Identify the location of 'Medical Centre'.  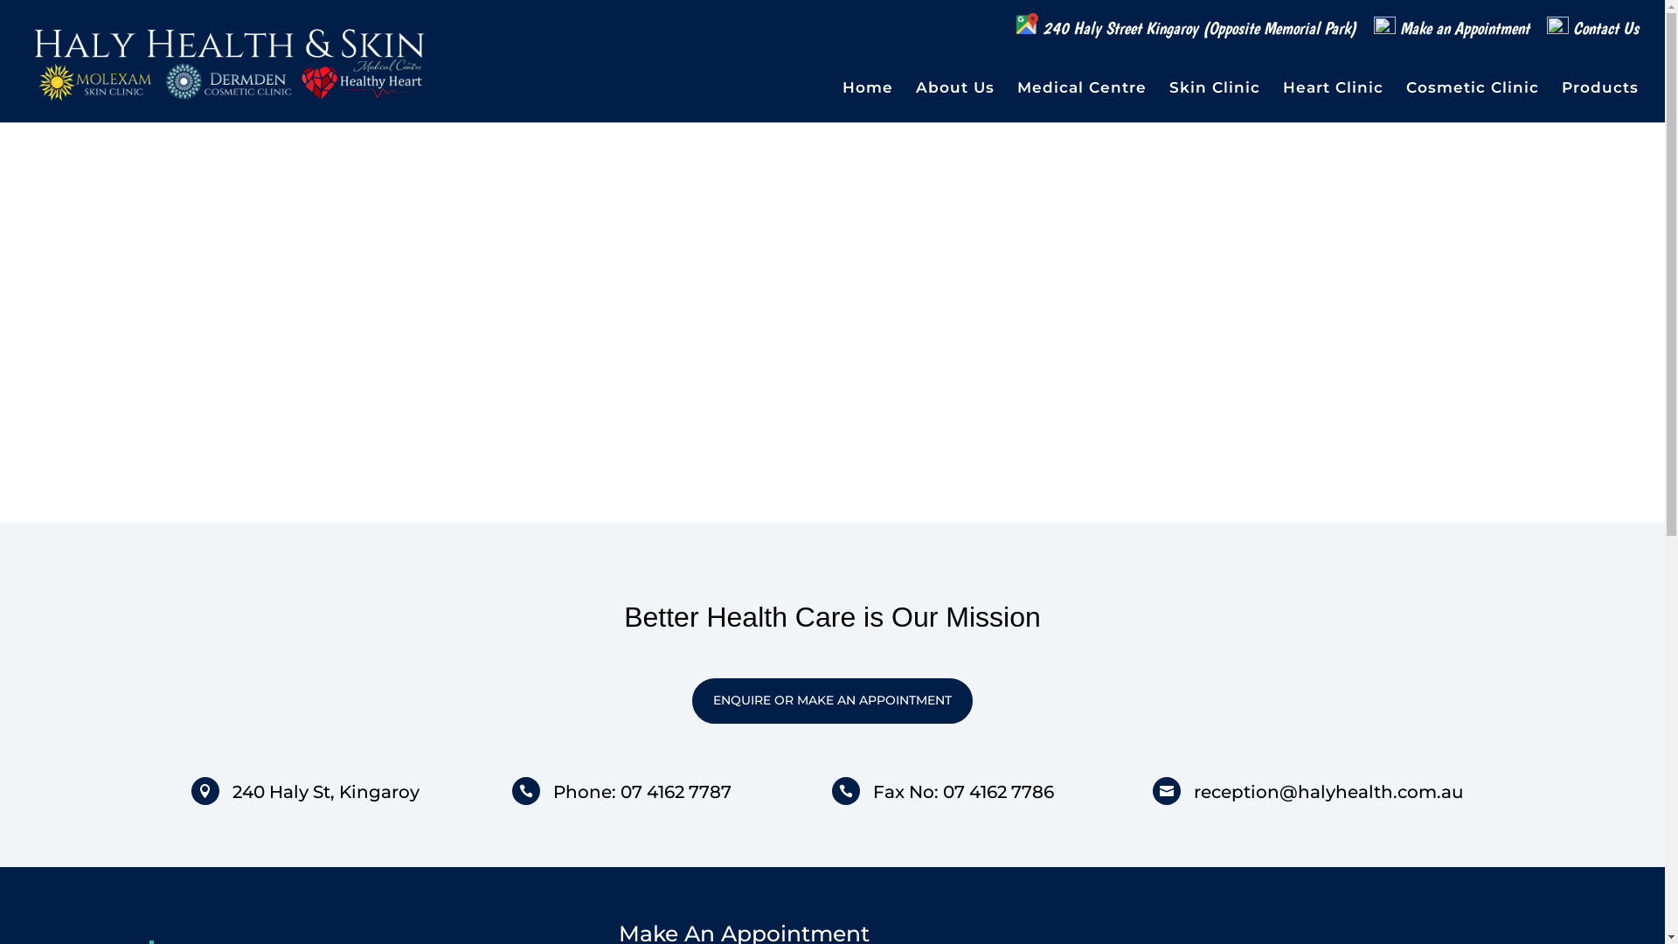
(1016, 101).